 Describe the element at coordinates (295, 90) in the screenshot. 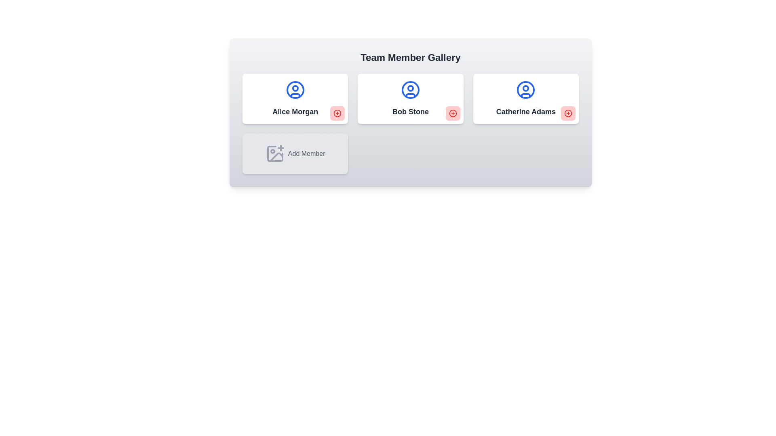

I see `the circular user icon element with a blue outline that is part of the SVG illustration for 'Alice Morgan'` at that location.